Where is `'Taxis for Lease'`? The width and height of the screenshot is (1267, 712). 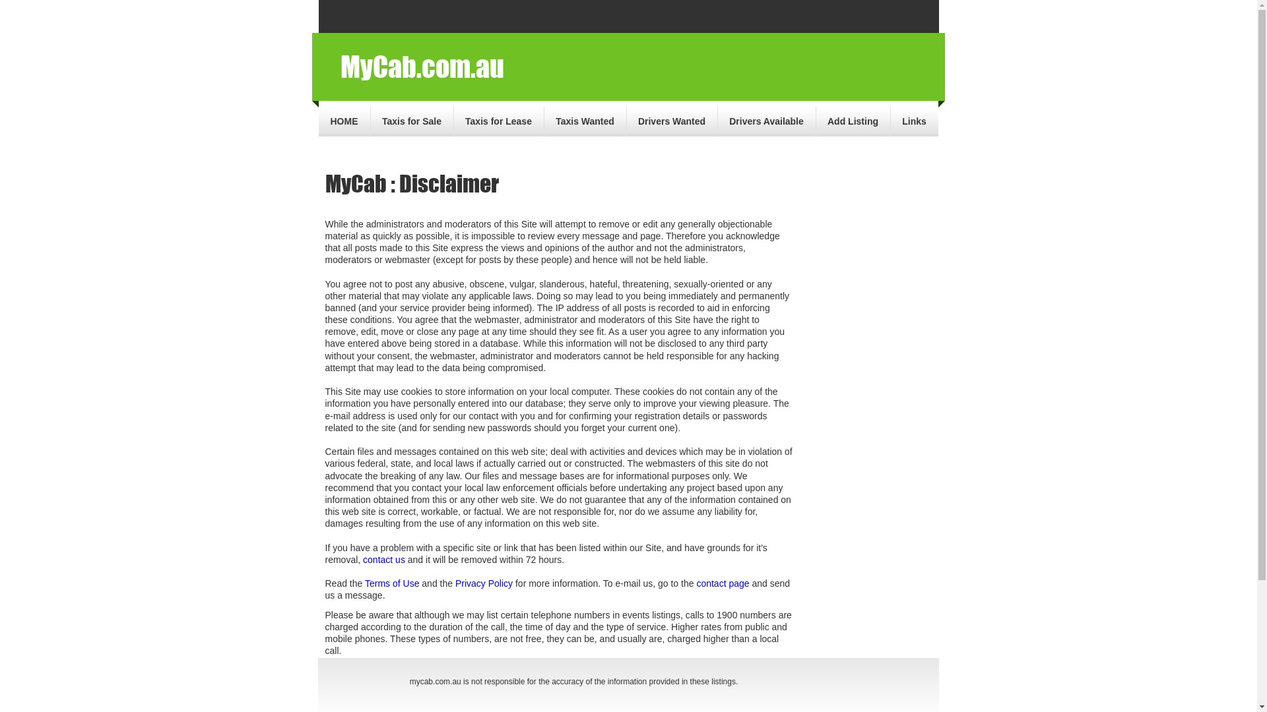 'Taxis for Lease' is located at coordinates (453, 121).